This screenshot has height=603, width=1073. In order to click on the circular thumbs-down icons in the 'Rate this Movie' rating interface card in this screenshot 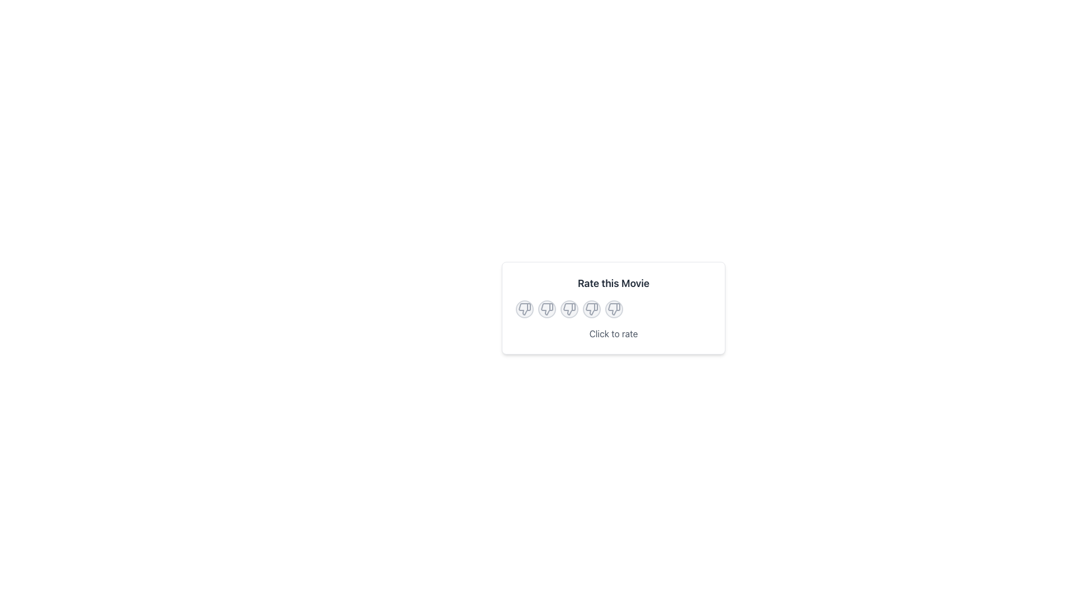, I will do `click(613, 308)`.